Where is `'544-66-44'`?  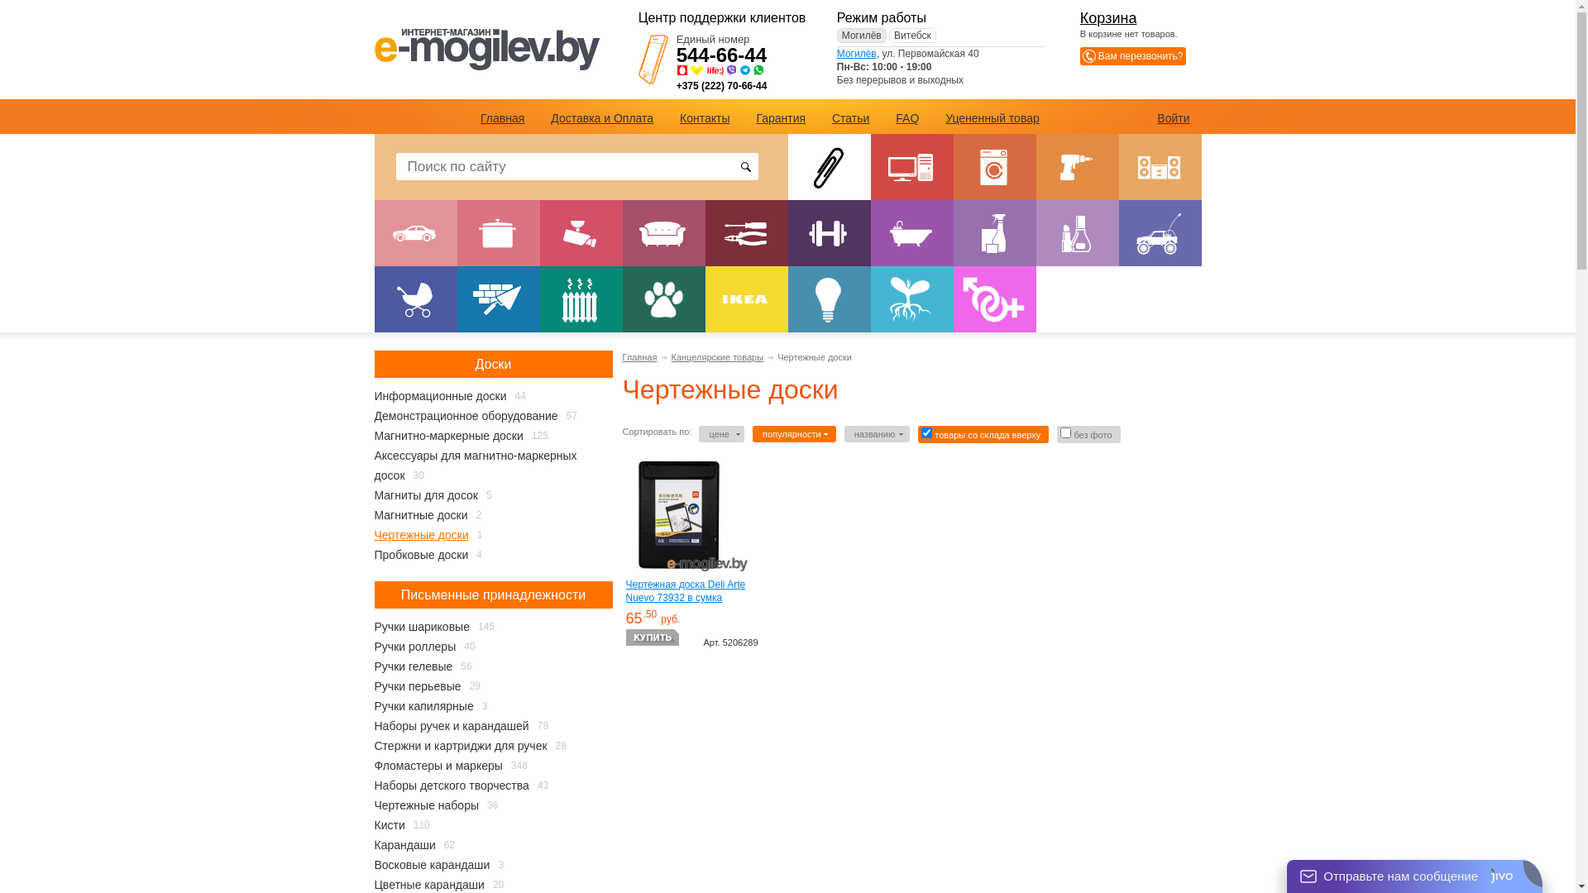 '544-66-44' is located at coordinates (721, 54).